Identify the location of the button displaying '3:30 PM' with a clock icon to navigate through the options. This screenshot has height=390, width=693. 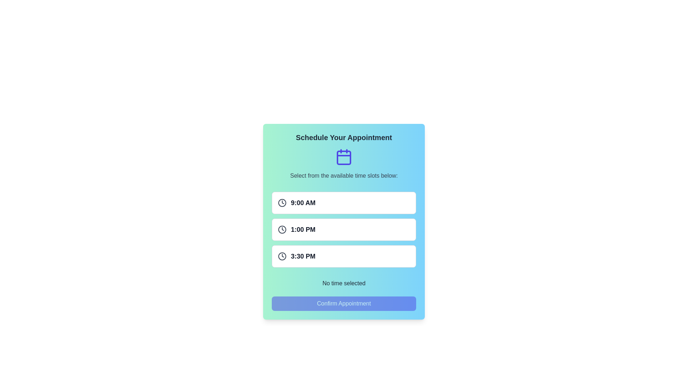
(344, 256).